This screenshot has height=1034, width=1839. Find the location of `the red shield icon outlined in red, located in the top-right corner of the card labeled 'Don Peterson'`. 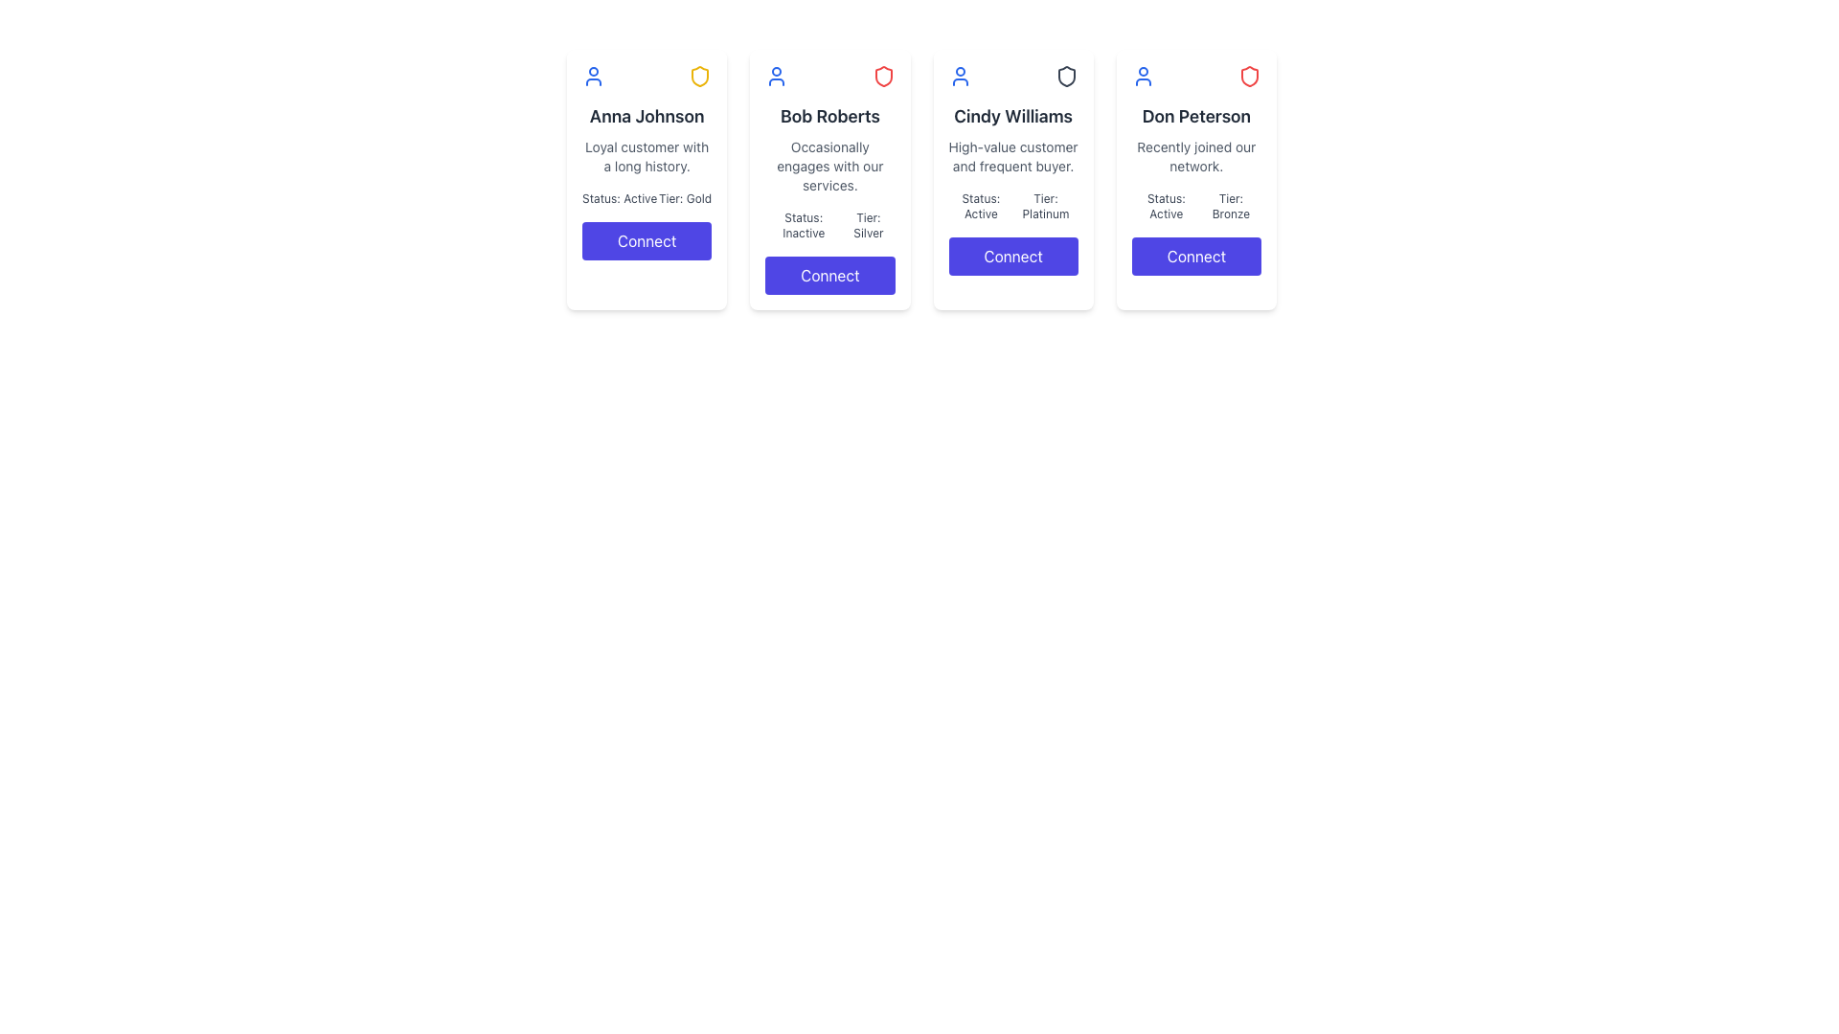

the red shield icon outlined in red, located in the top-right corner of the card labeled 'Don Peterson' is located at coordinates (1250, 76).